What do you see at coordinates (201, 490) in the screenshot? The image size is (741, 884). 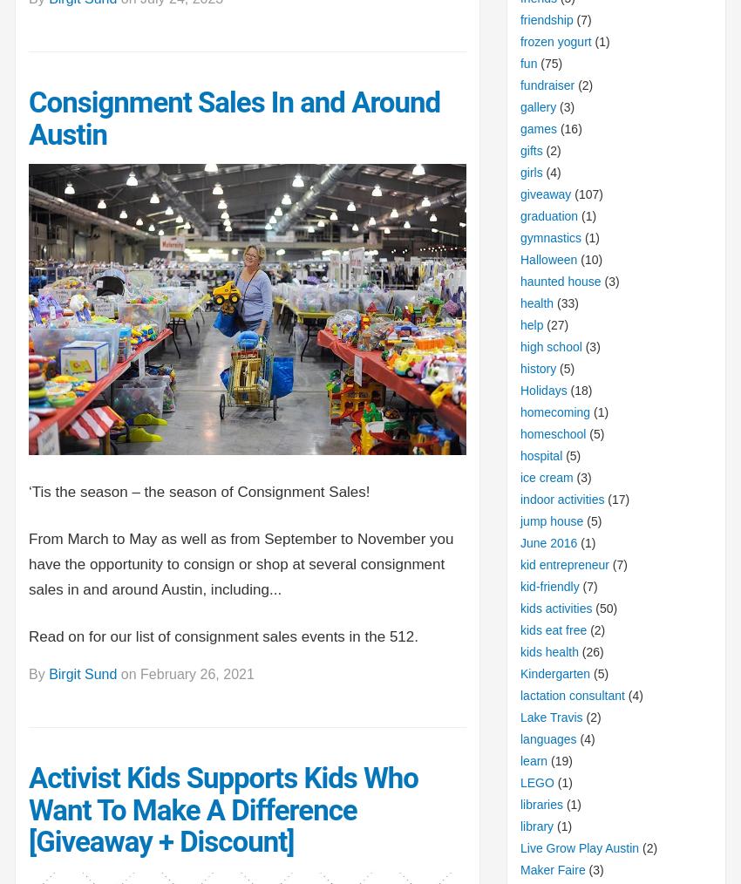 I see `'‘Tis the season – the season of Consignment Sales!'` at bounding box center [201, 490].